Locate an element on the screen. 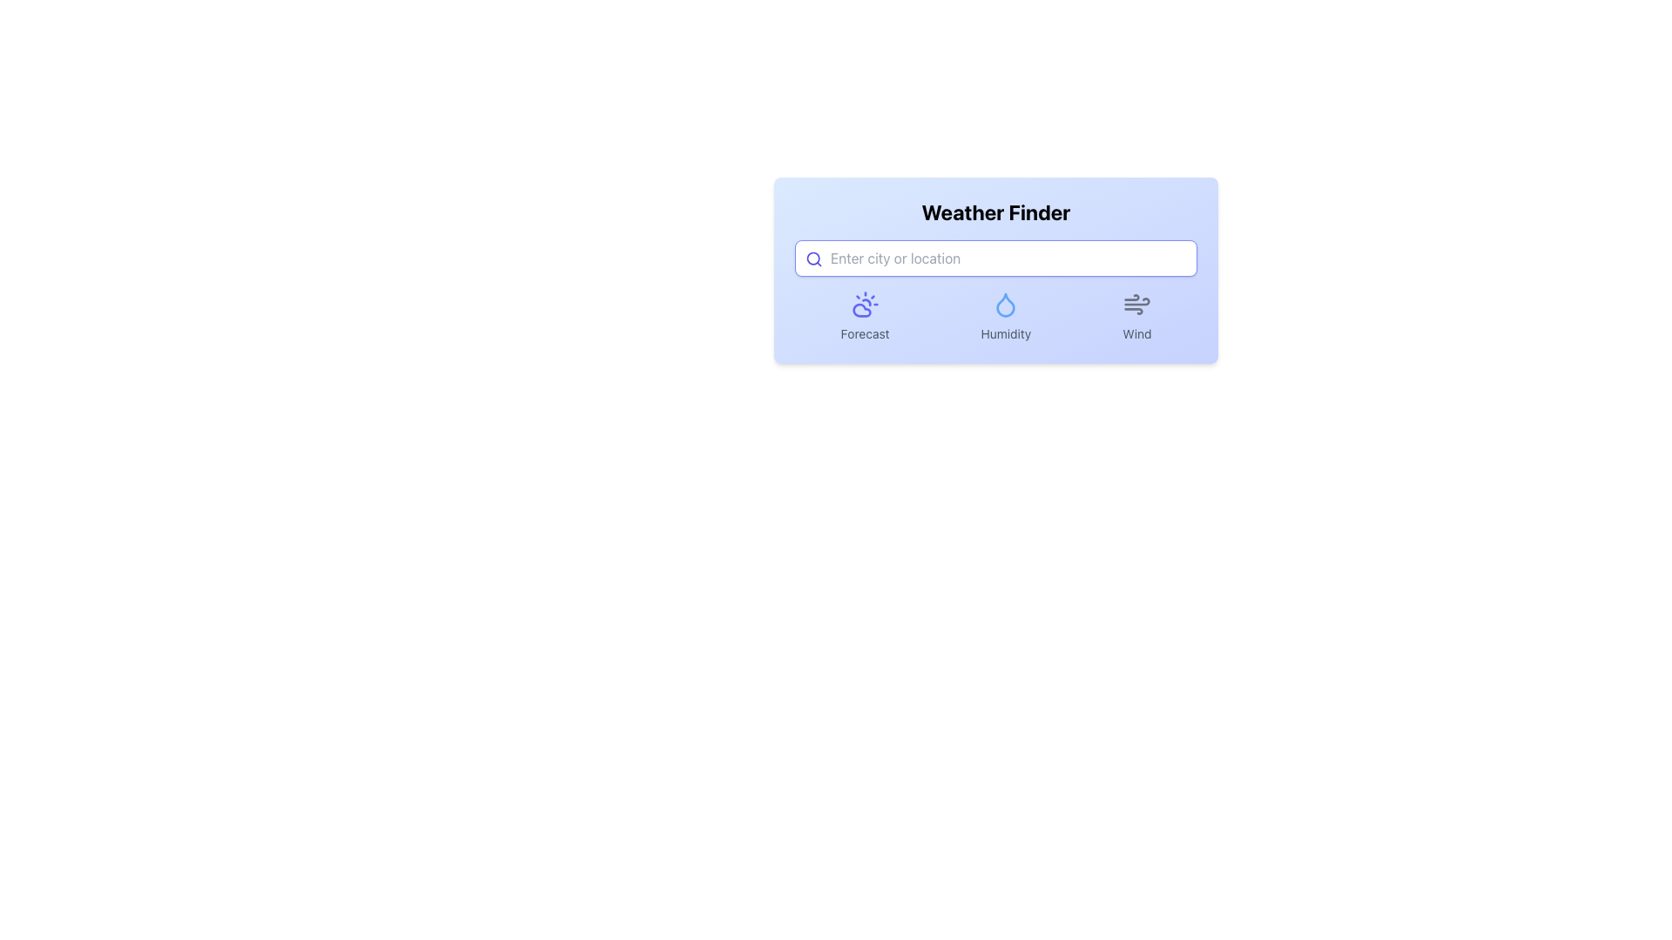  the indigo cloud icon representing weather conditions within the 'Forecast' section, located in the lower half of the interface is located at coordinates (861, 309).